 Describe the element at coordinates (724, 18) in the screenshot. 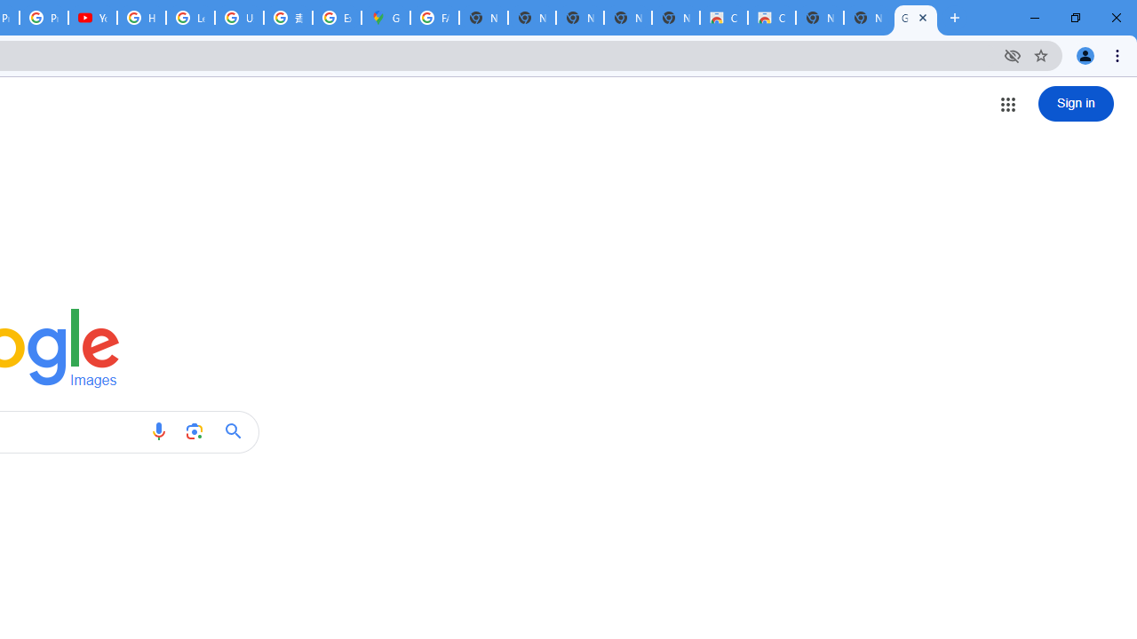

I see `'Classic Blue - Chrome Web Store'` at that location.